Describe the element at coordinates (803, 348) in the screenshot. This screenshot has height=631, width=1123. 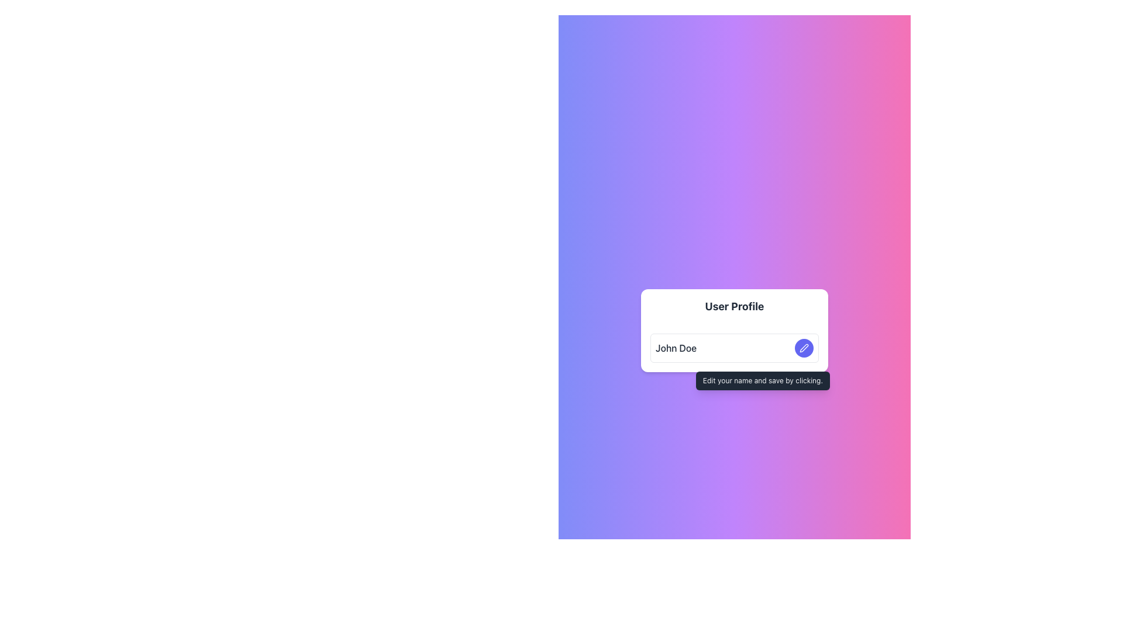
I see `the edit button located to the right of the 'John Doe' label in the profile information section` at that location.